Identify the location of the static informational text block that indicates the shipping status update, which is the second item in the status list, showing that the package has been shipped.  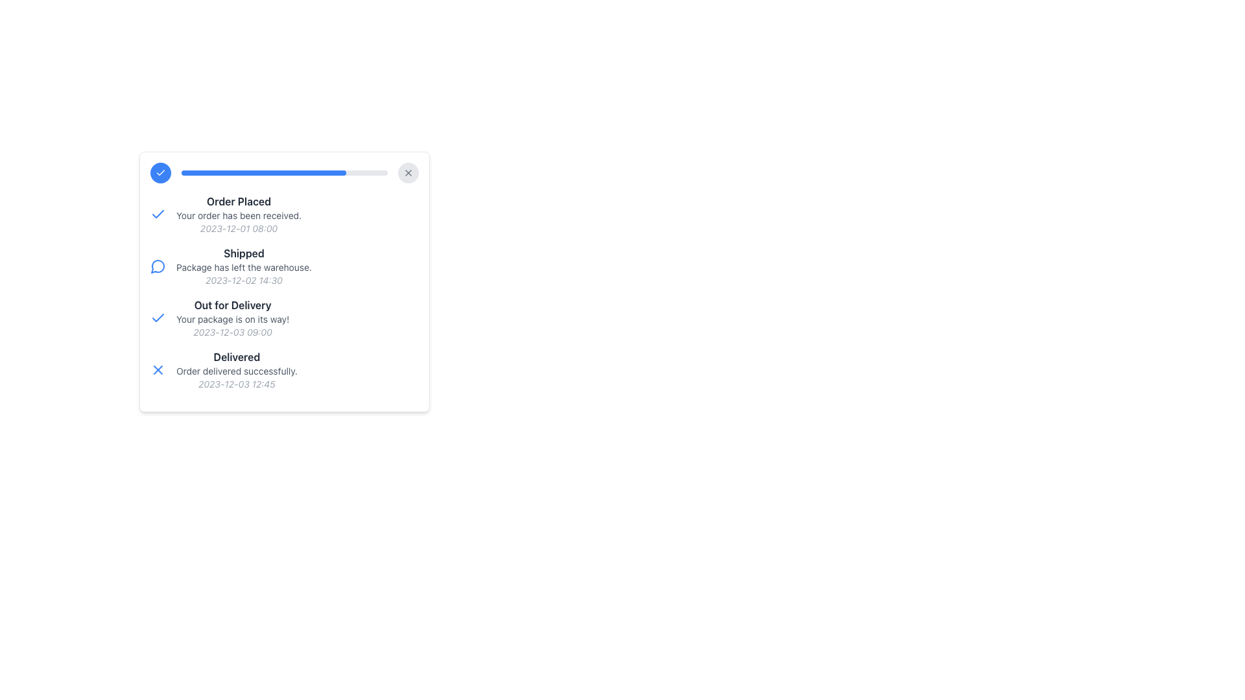
(283, 266).